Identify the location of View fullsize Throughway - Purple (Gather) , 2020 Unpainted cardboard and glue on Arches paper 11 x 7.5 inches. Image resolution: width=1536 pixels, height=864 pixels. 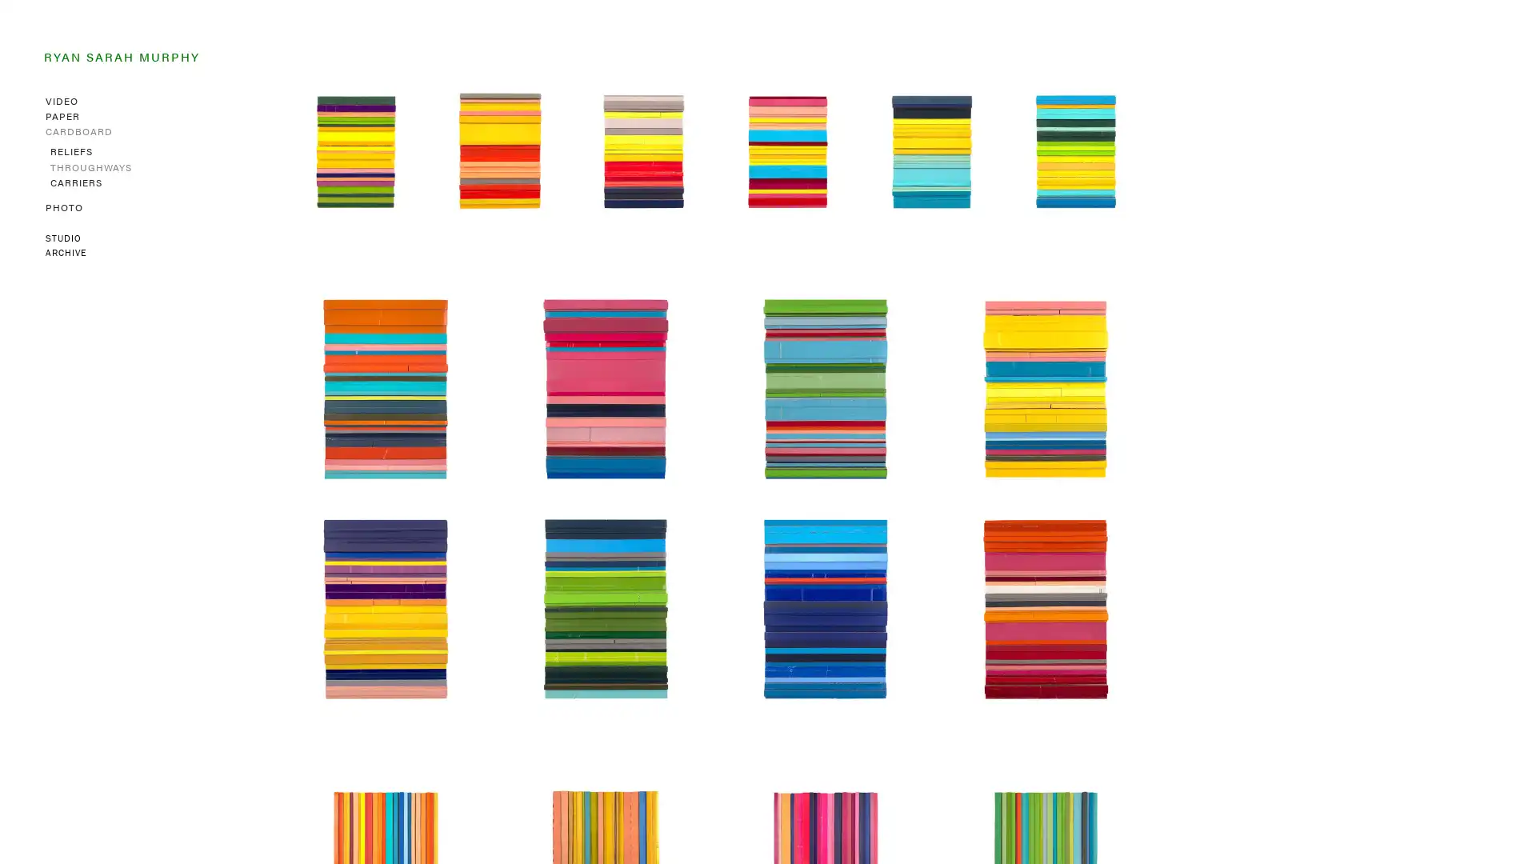
(386, 609).